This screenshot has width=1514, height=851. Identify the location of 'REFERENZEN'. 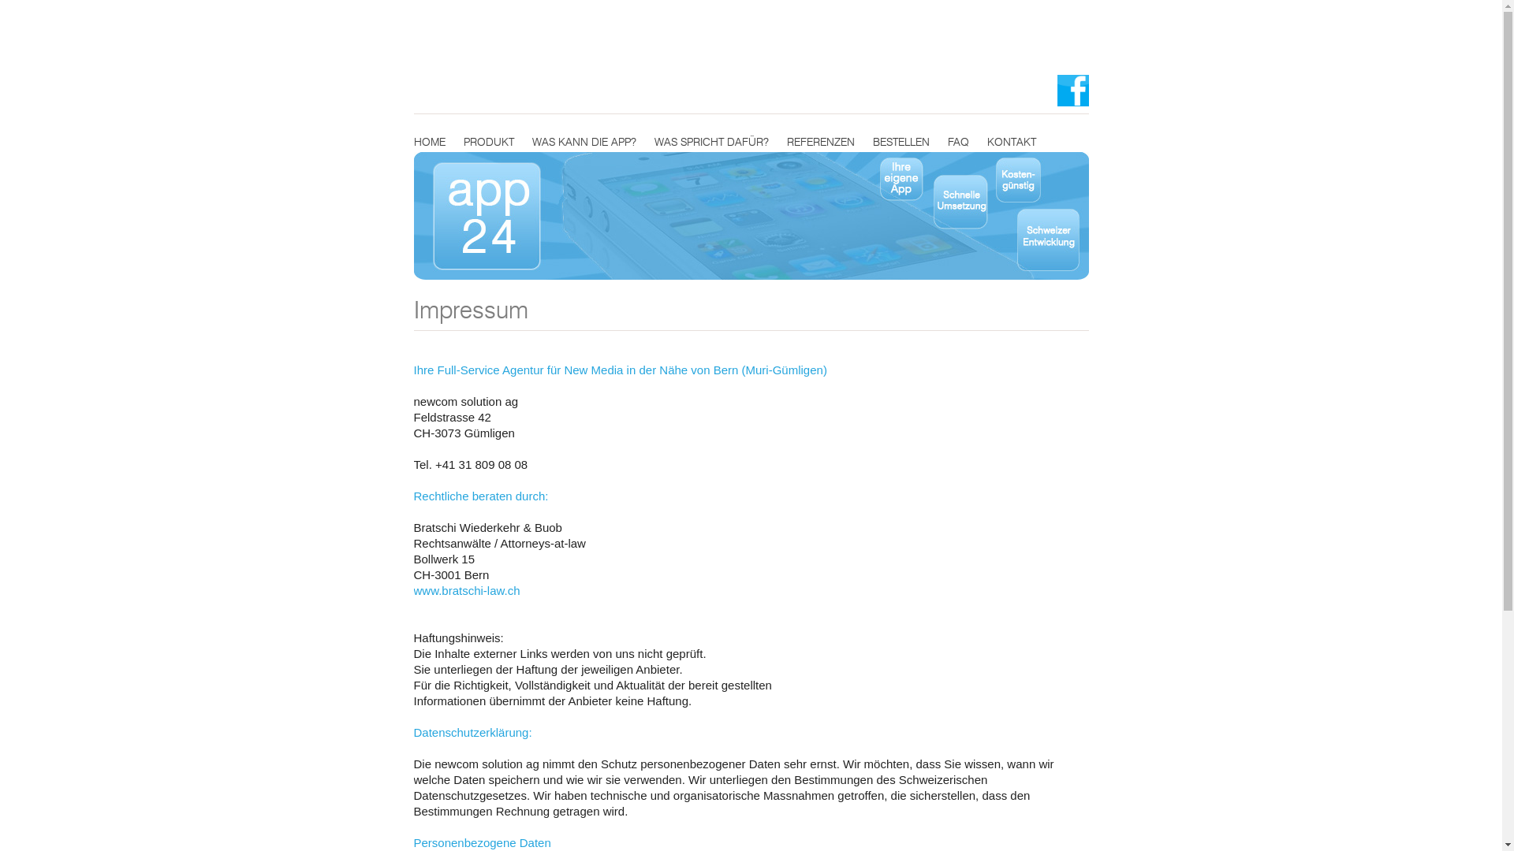
(787, 143).